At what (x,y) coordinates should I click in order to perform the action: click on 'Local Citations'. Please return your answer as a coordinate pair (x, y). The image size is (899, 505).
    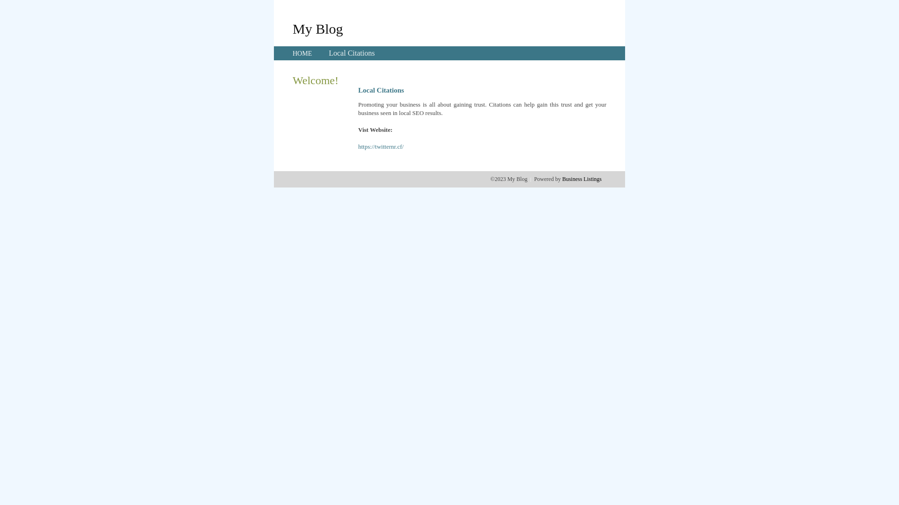
    Looking at the image, I should click on (328, 53).